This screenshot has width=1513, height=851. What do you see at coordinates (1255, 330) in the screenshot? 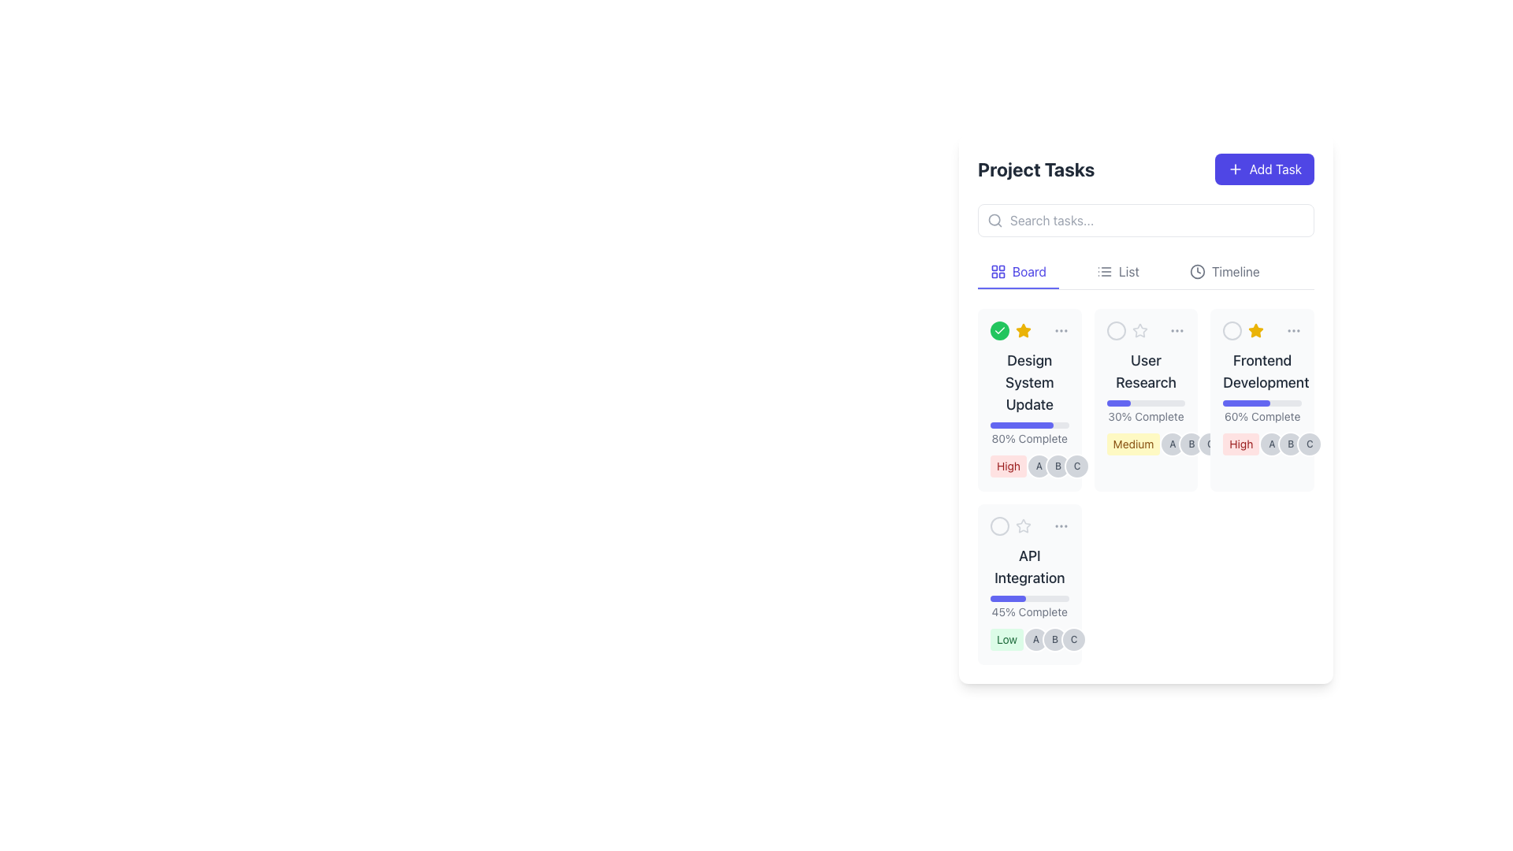
I see `the star icon indicating a marked status for the 'Design System Update' task card located at the top left corner of the project task board` at bounding box center [1255, 330].